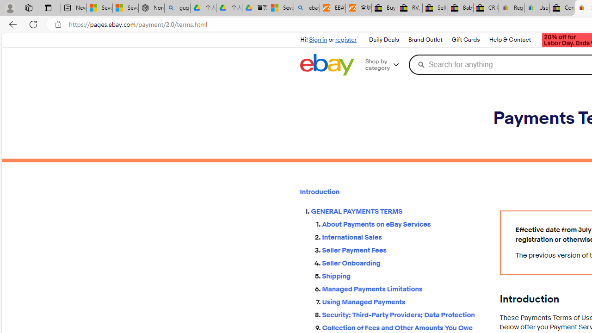  What do you see at coordinates (403, 235) in the screenshot?
I see `'International Sales'` at bounding box center [403, 235].